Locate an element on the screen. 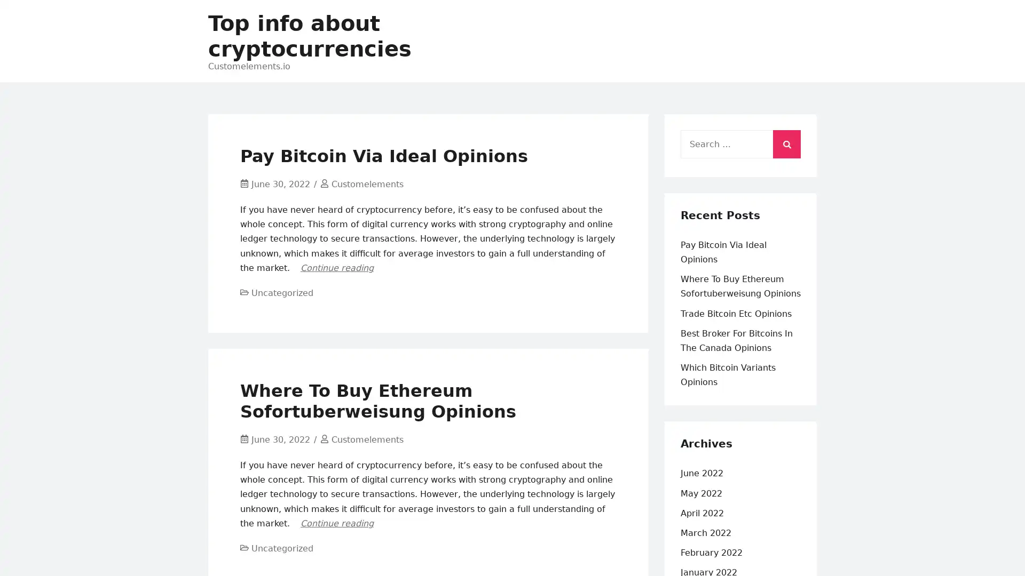  Search is located at coordinates (786, 141).